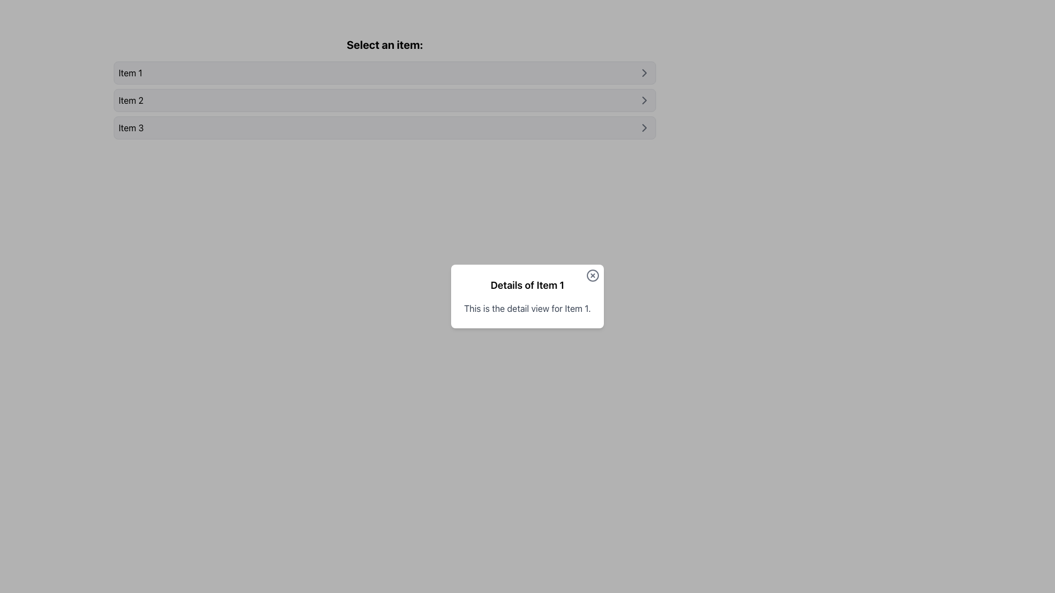  I want to click on the Chevron Icon located at the far right of the first row labeled 'Item 1' to trigger an action, so click(644, 72).